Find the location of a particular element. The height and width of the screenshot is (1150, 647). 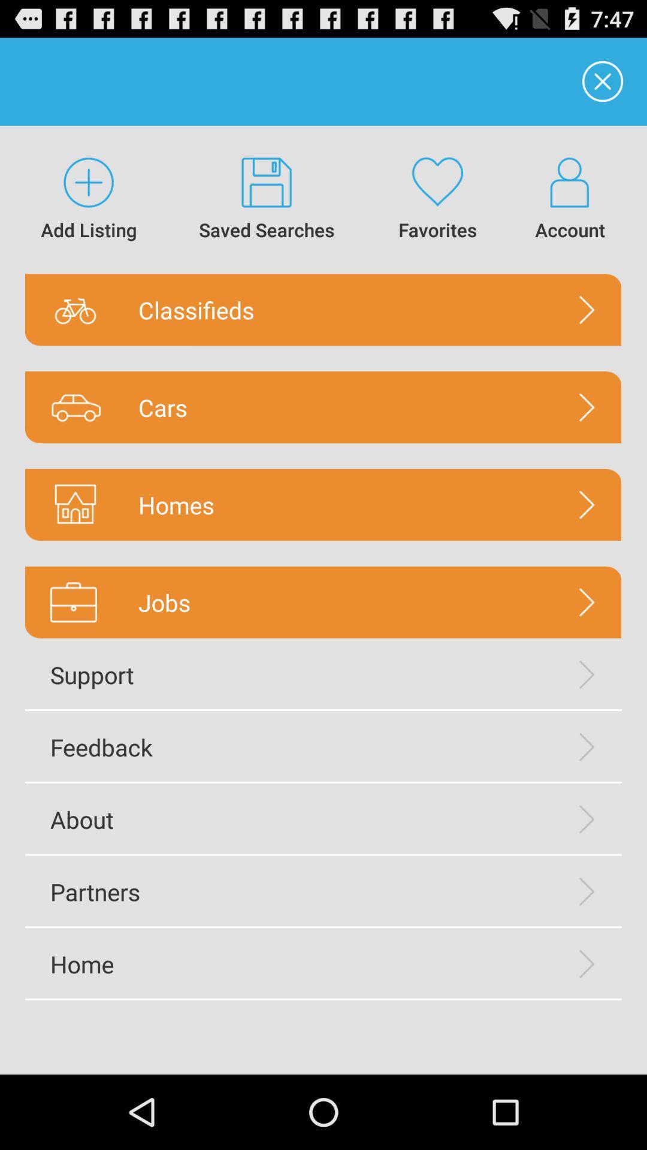

the favorites icon is located at coordinates (437, 199).